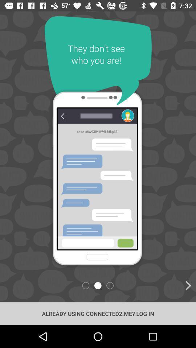  I want to click on item above already using connected2 icon, so click(42, 285).